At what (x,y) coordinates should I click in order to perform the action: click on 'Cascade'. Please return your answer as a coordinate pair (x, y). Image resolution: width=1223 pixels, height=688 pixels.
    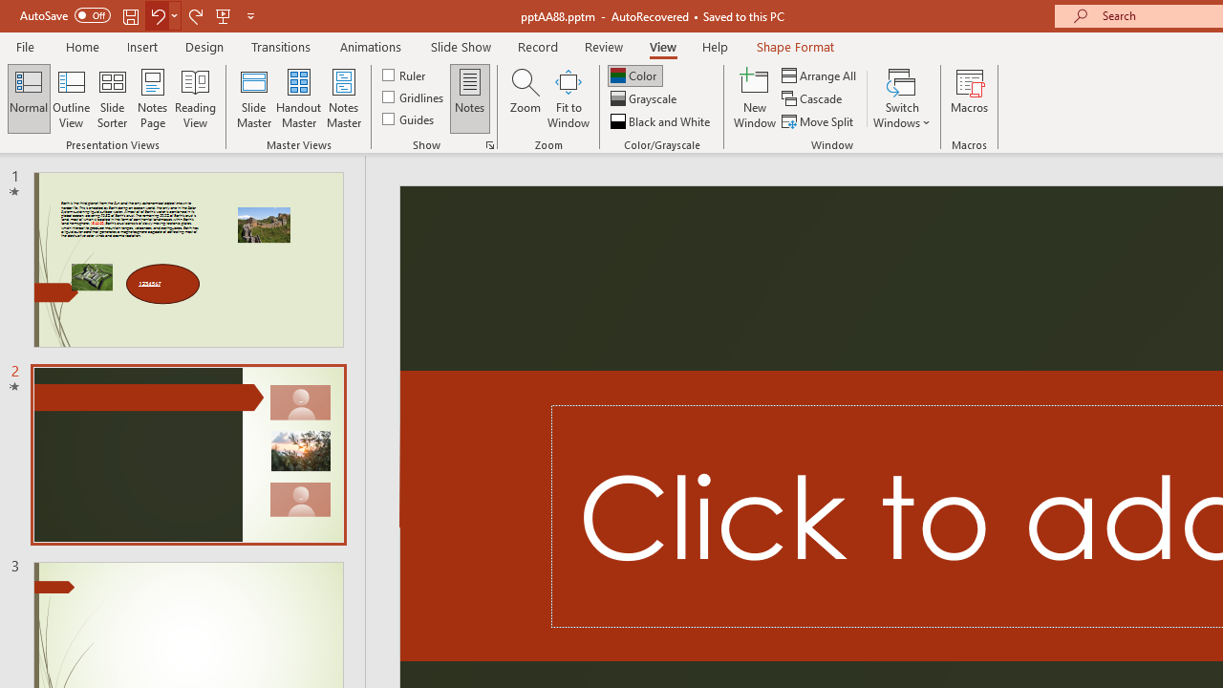
    Looking at the image, I should click on (813, 98).